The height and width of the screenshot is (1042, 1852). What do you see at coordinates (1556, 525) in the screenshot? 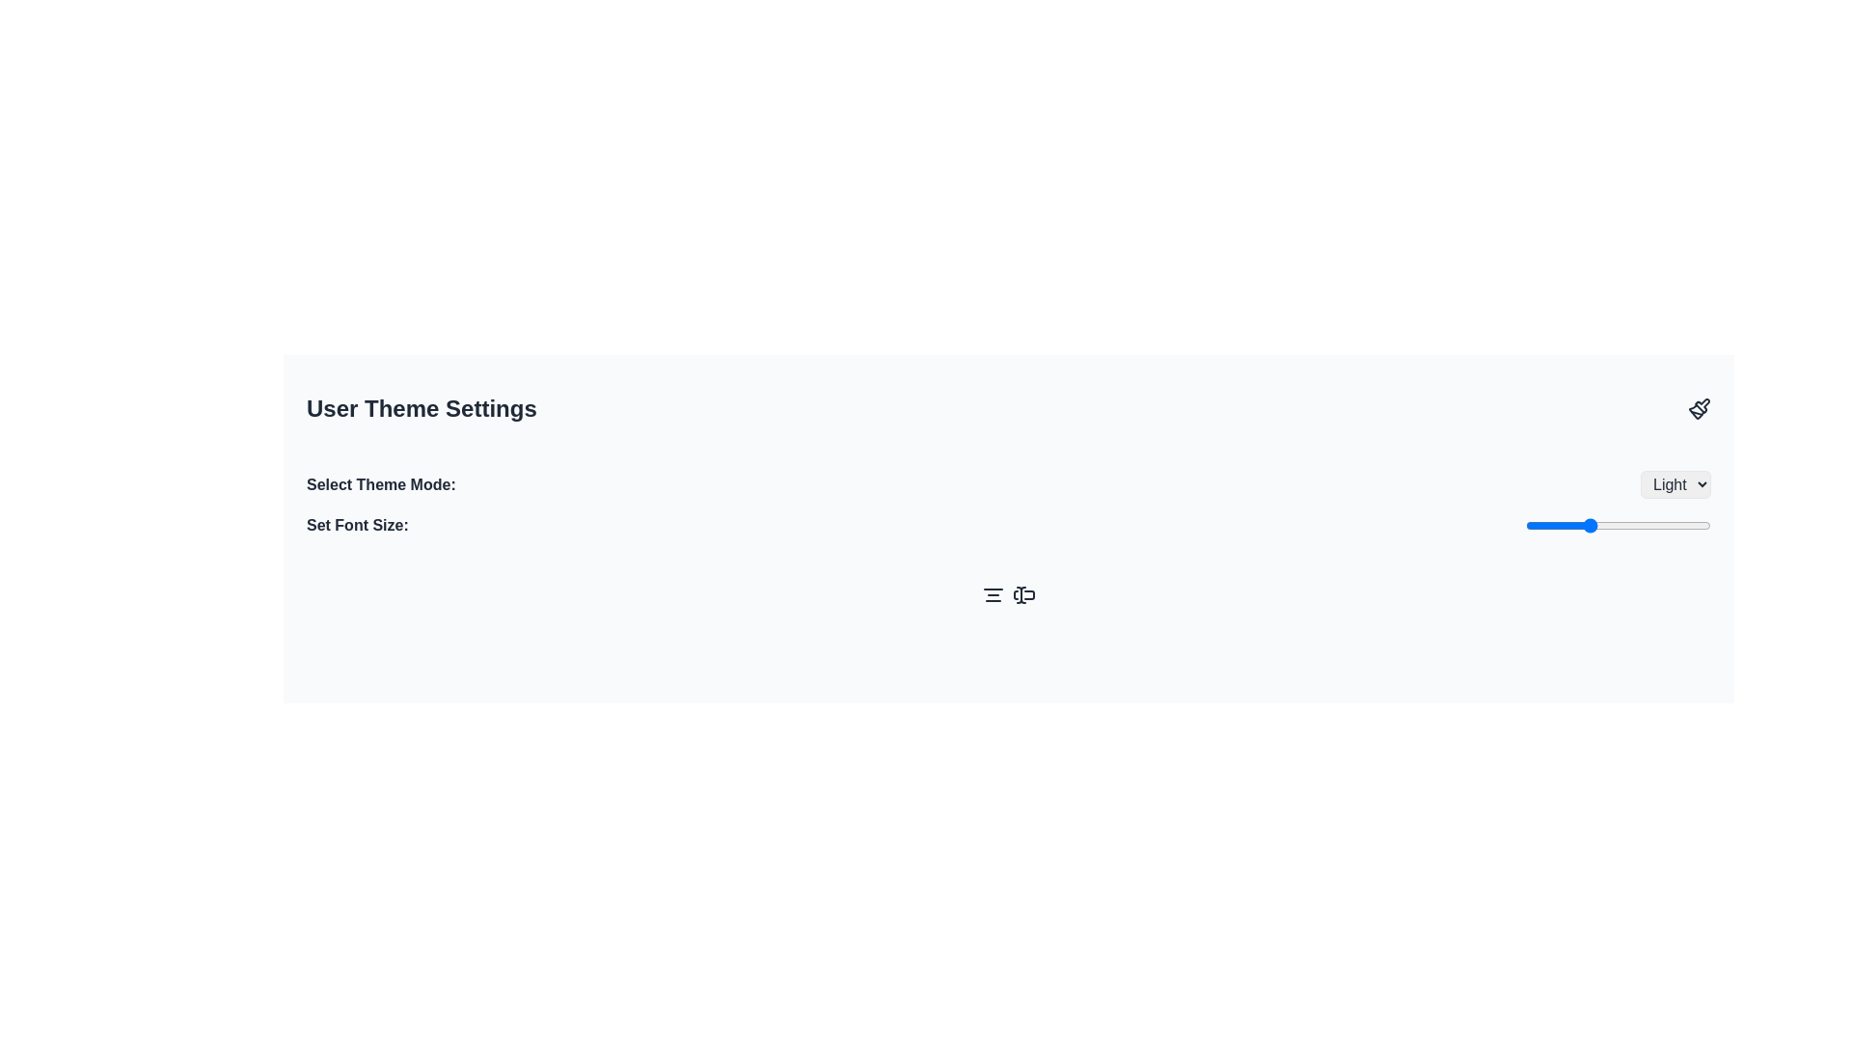
I see `the font size` at bounding box center [1556, 525].